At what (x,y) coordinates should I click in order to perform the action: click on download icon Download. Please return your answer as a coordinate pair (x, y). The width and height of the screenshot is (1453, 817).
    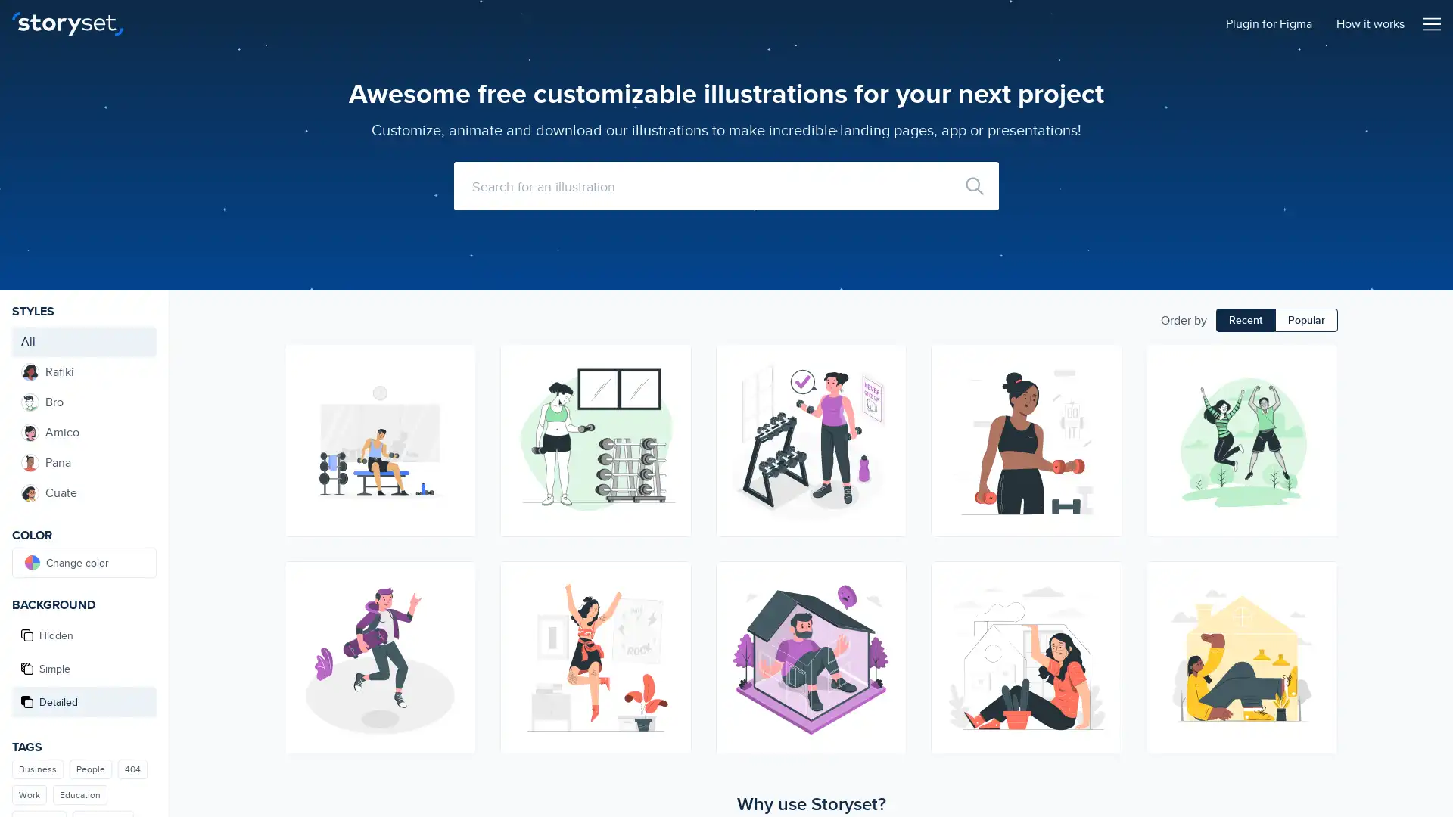
    Looking at the image, I should click on (456, 390).